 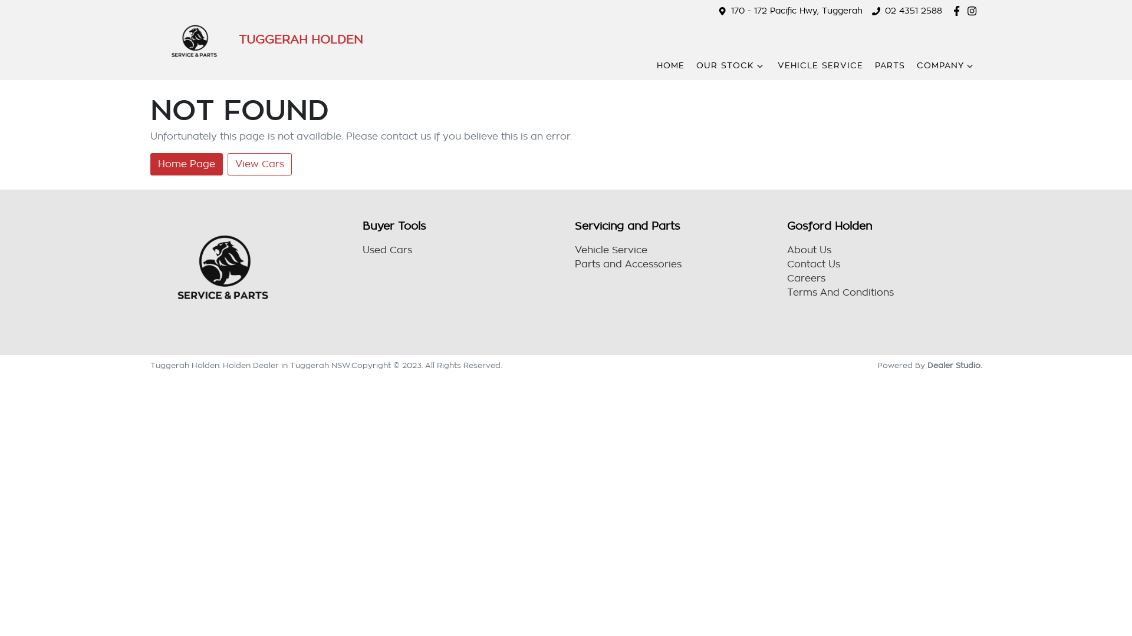 I want to click on 'Home Page', so click(x=186, y=164).